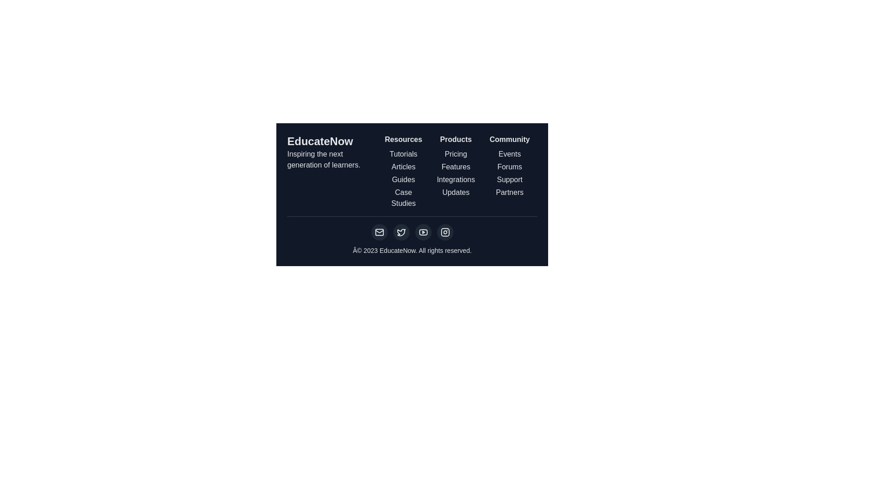  I want to click on the Vertical navigation list located in the 'Resources' section, so click(403, 179).